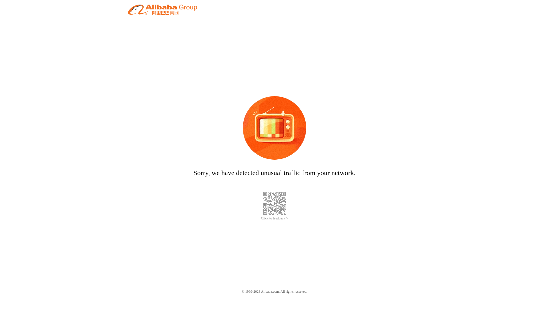 The height and width of the screenshot is (309, 549). I want to click on 'Click to feedback >', so click(274, 218).